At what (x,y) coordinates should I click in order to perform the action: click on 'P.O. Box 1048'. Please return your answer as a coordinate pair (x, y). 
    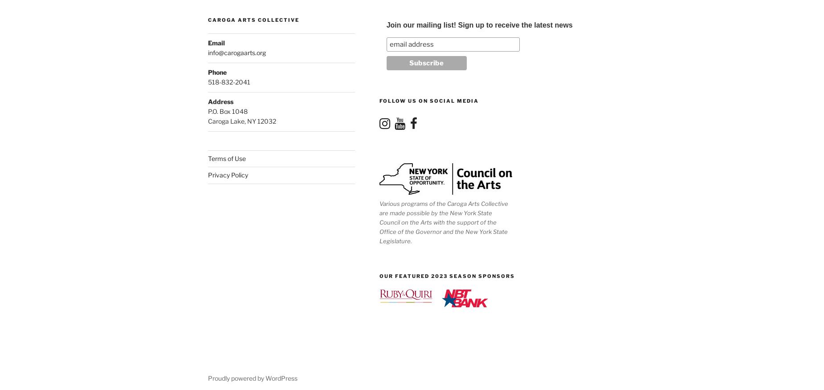
    Looking at the image, I should click on (208, 111).